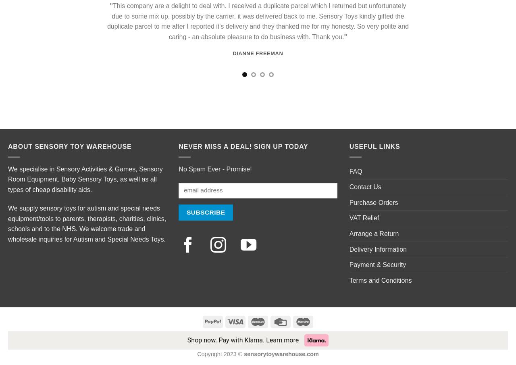 Image resolution: width=516 pixels, height=365 pixels. I want to click on 'Terms and Conditions', so click(380, 280).